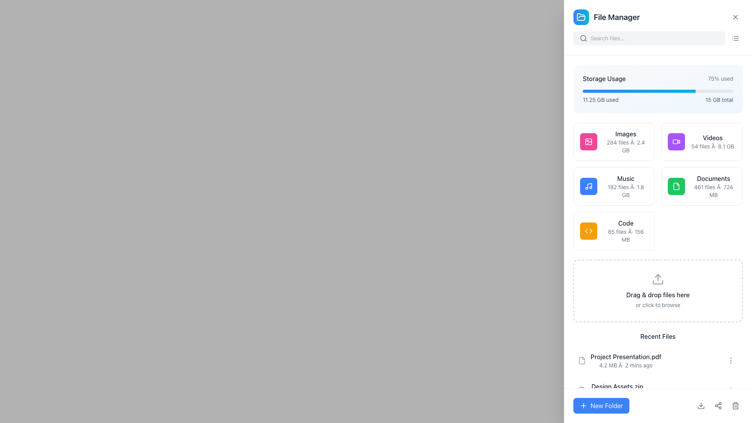 Image resolution: width=752 pixels, height=423 pixels. Describe the element at coordinates (619, 361) in the screenshot. I see `the file name in the topmost entry of the 'Recent Files' section` at that location.